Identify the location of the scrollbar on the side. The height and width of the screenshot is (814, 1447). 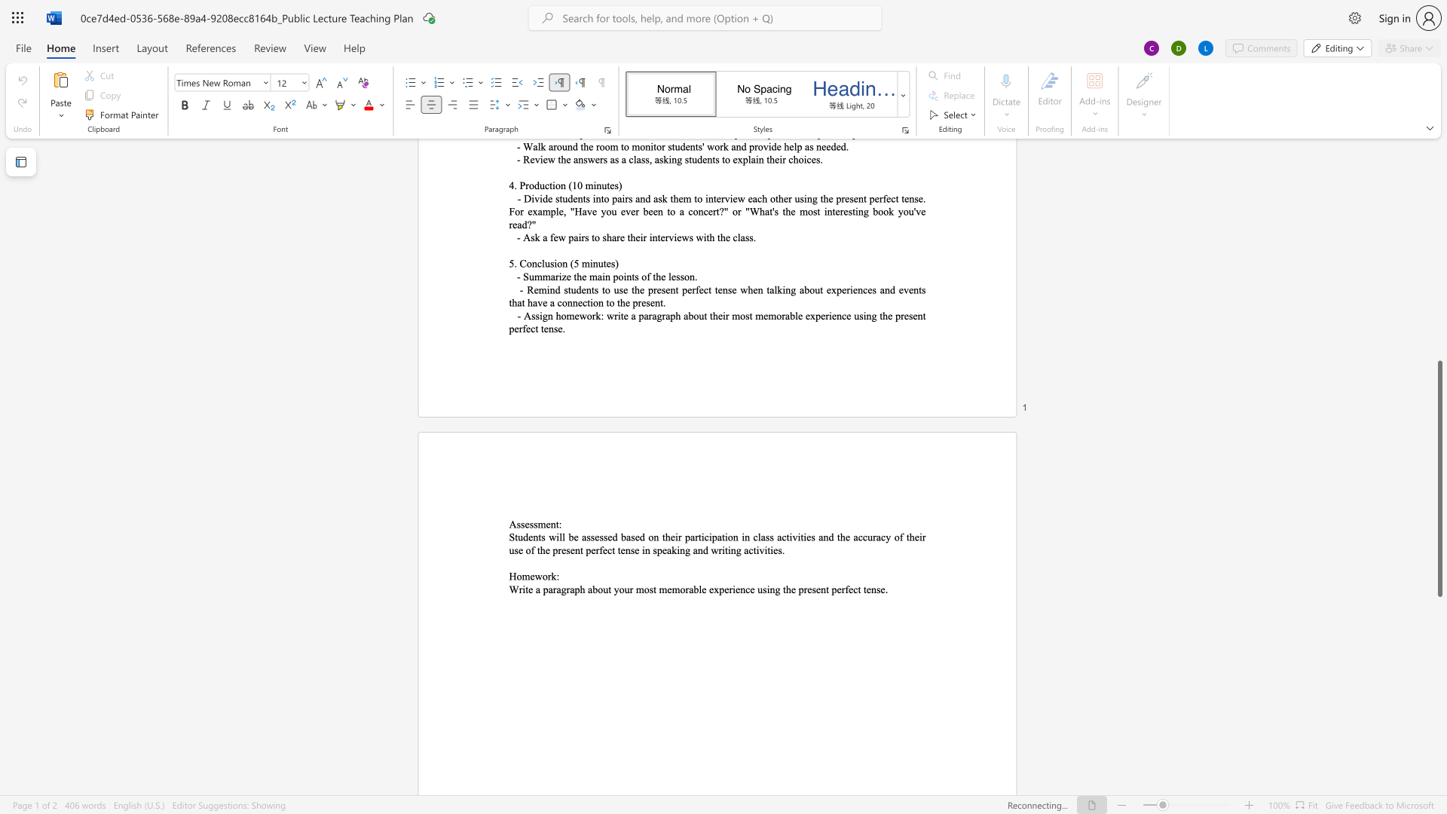
(1439, 218).